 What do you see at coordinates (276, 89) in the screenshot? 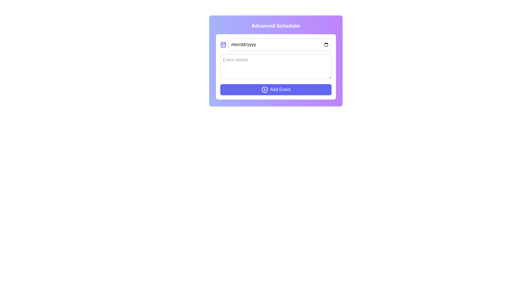
I see `the 'Add Event' button, which has a blue background, white text, and a plus sign icon, to observe any hover effects` at bounding box center [276, 89].